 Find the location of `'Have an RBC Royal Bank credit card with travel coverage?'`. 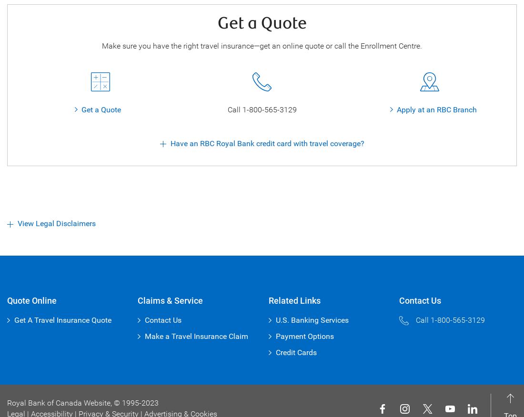

'Have an RBC Royal Bank credit card with travel coverage?' is located at coordinates (170, 143).